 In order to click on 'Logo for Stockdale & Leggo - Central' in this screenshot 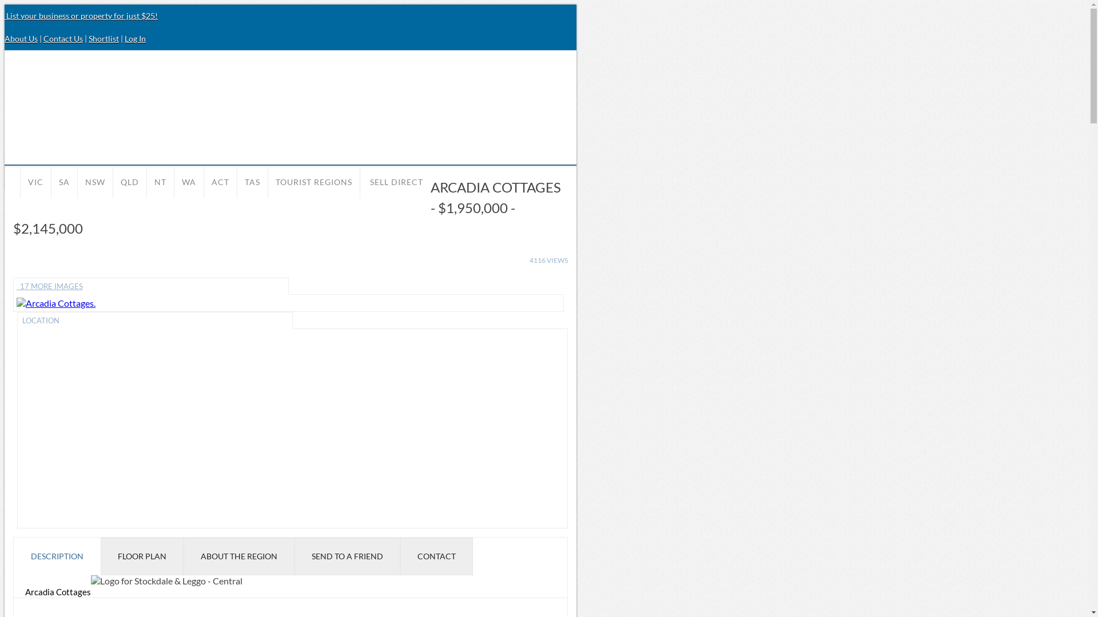, I will do `click(90, 580)`.